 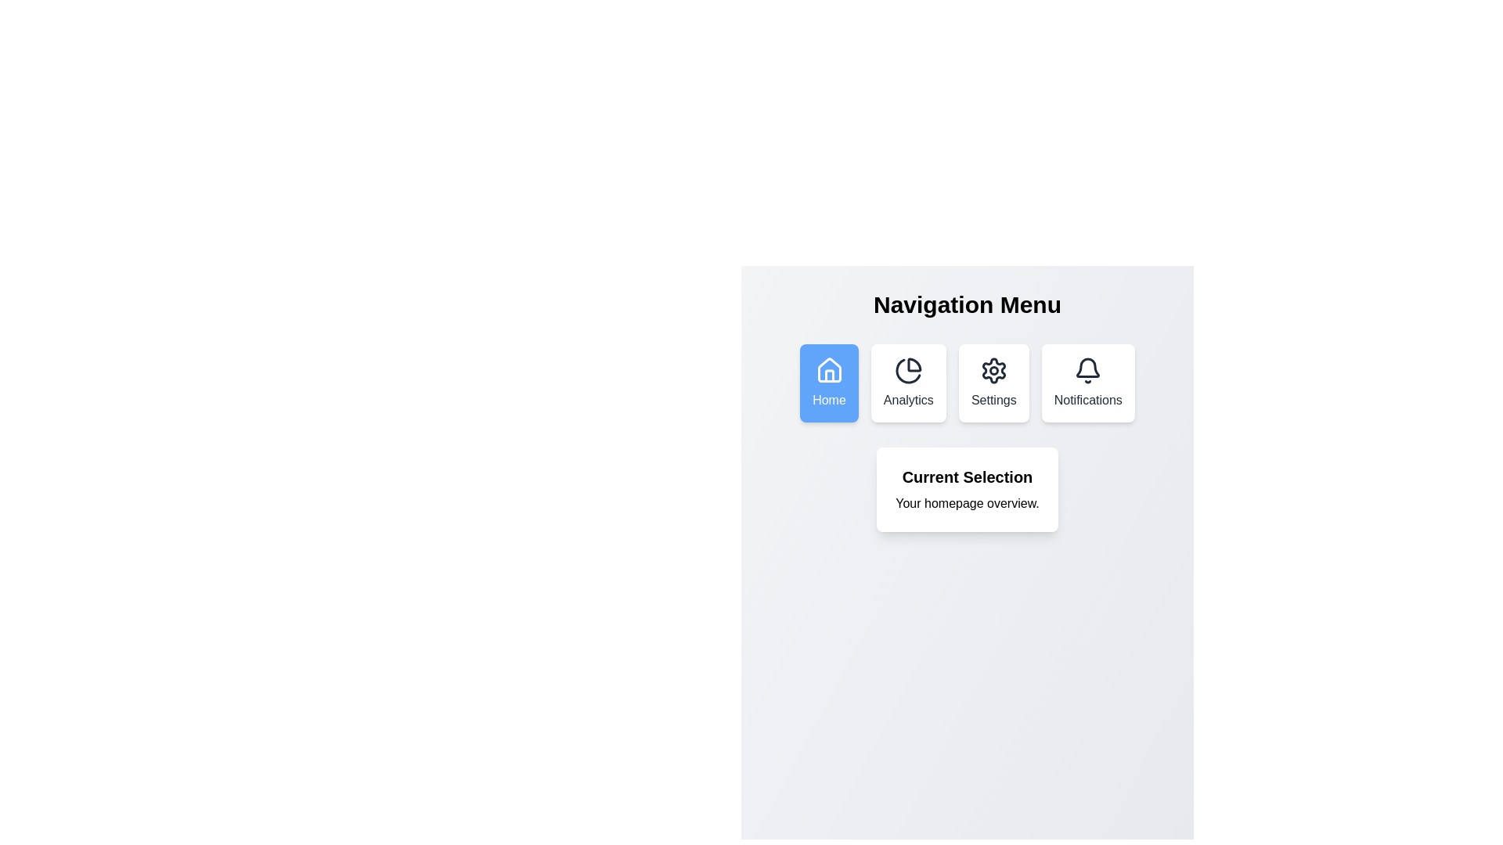 I want to click on the menu item labeled Home to navigate to the corresponding section, so click(x=828, y=383).